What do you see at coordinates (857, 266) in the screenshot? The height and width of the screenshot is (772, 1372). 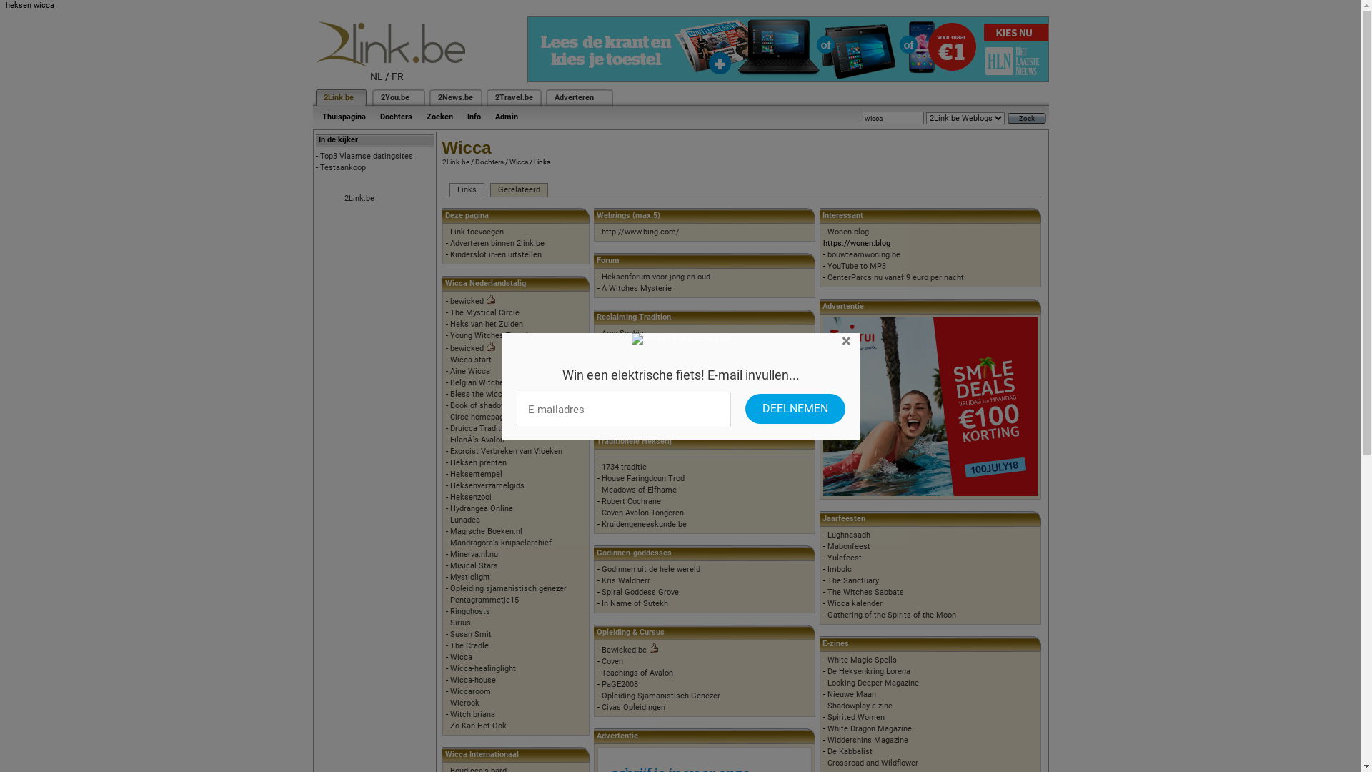 I see `'YouTube to MP3'` at bounding box center [857, 266].